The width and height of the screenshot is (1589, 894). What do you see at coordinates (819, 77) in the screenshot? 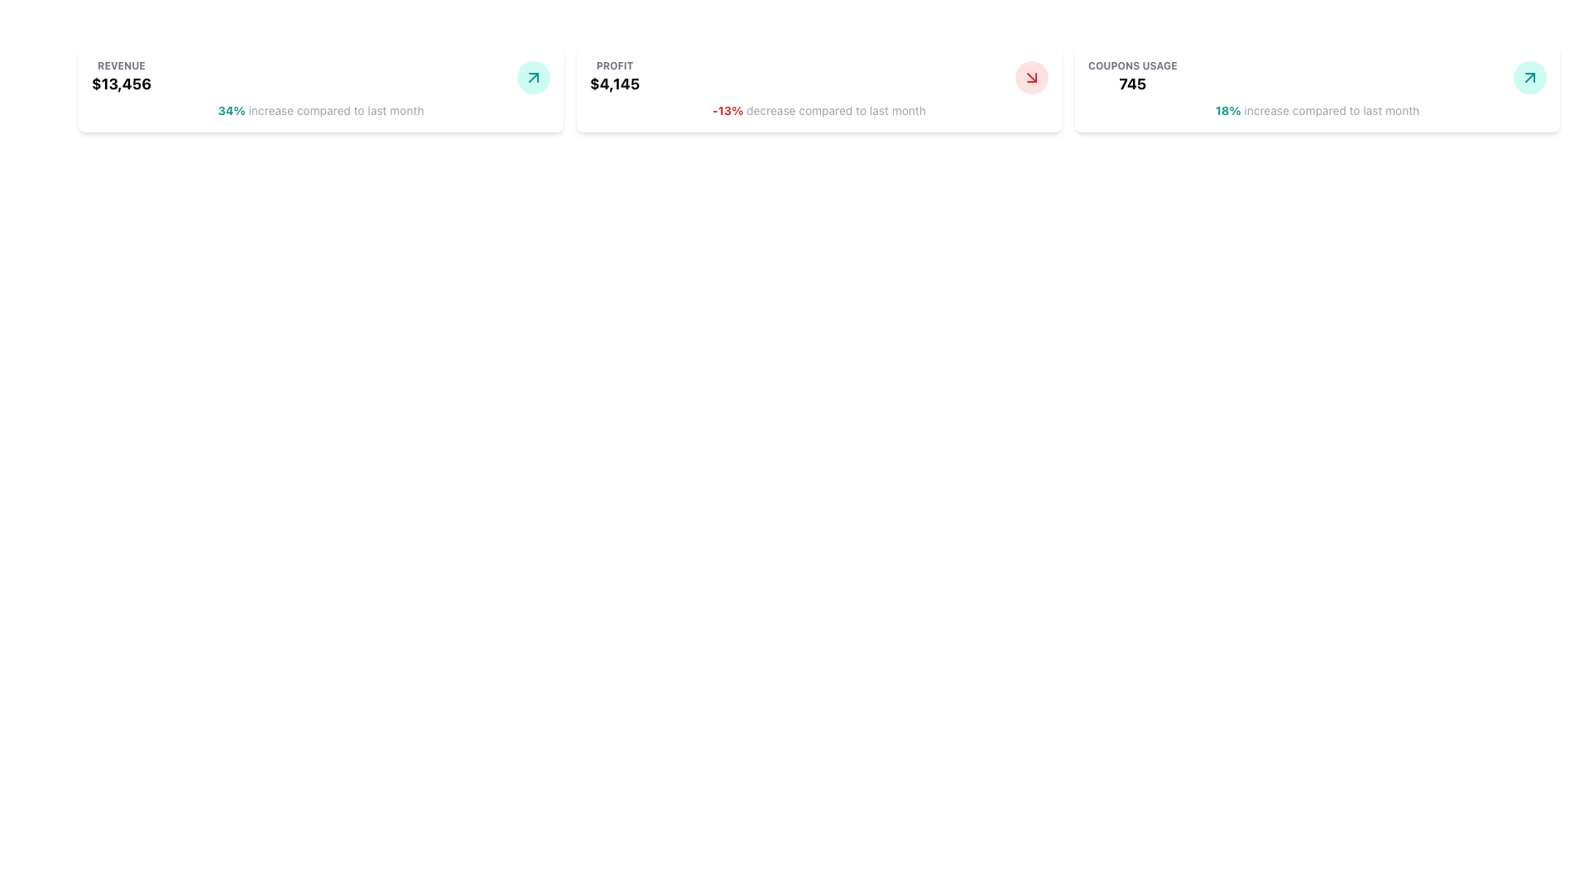
I see `the Display component that showcases the profit figure with a negative trend indicator, located at the top section of the card in the center of the displayed row` at bounding box center [819, 77].